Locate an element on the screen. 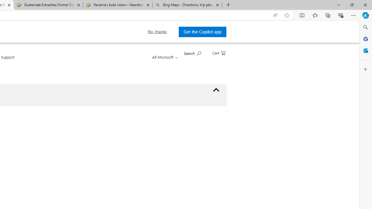 The height and width of the screenshot is (209, 372). 'Get the Copilot app ' is located at coordinates (202, 32).